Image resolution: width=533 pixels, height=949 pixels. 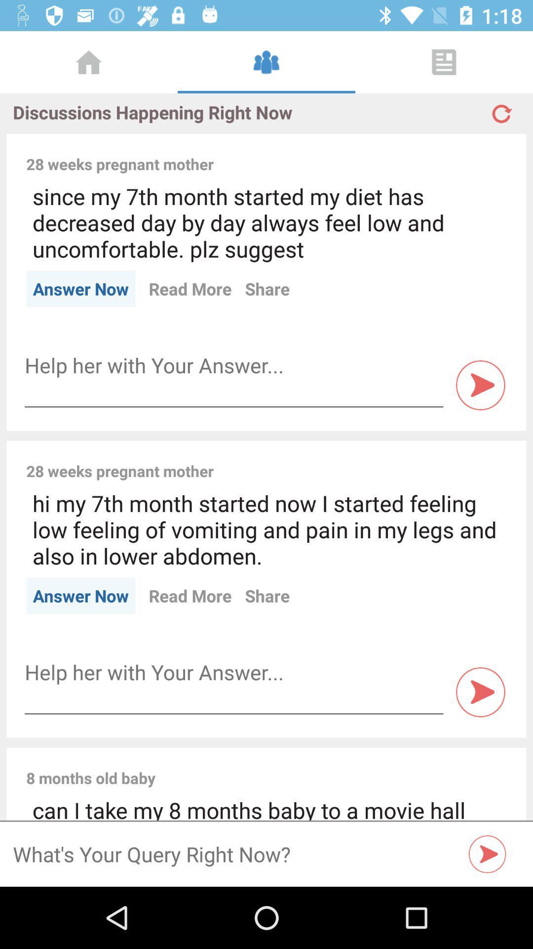 I want to click on search query, so click(x=487, y=854).